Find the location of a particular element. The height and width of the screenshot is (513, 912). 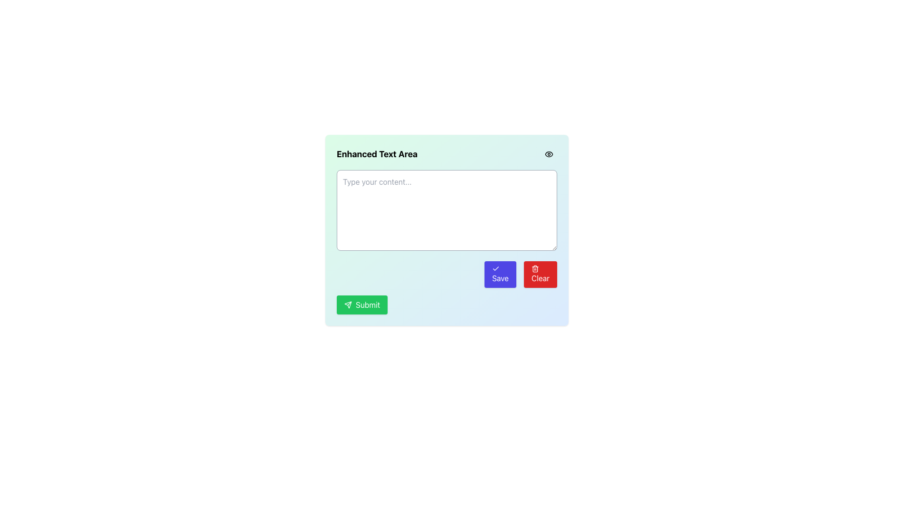

the 'Clear' button located at the bottom right of the content card is located at coordinates (540, 275).